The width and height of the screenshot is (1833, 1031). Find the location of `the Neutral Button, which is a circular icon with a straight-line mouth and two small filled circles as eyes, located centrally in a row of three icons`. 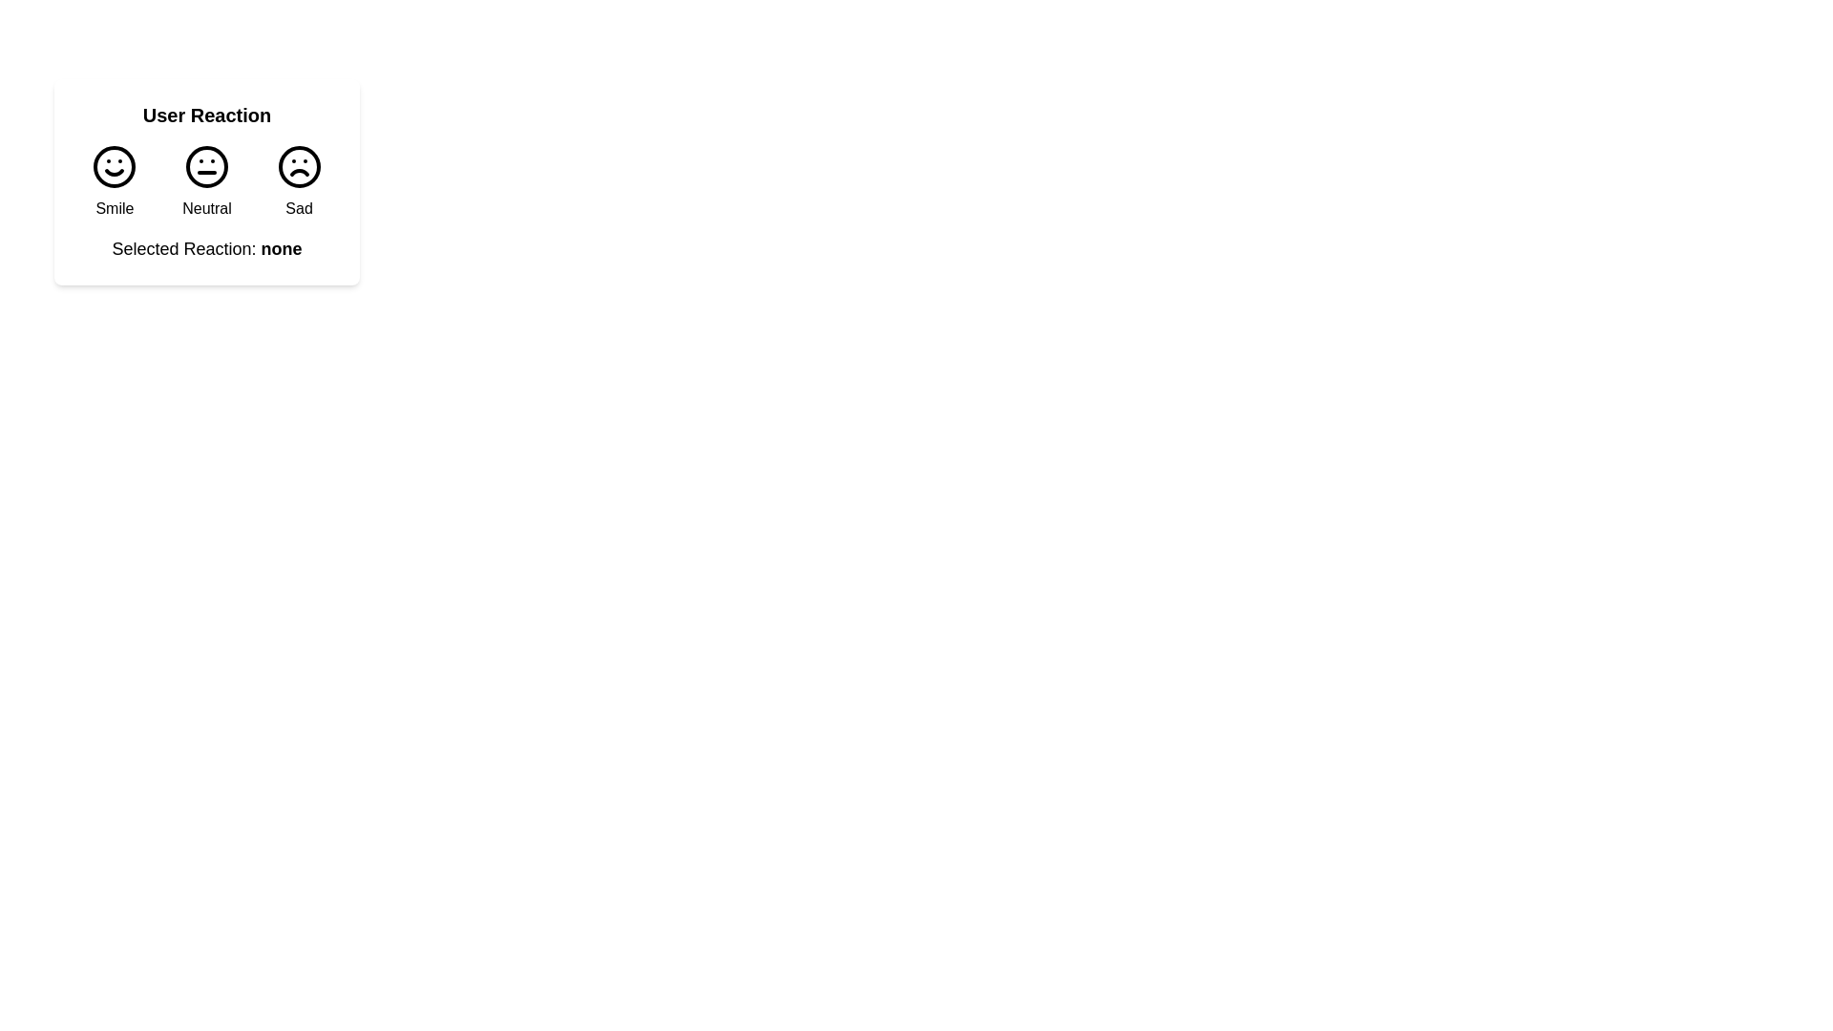

the Neutral Button, which is a circular icon with a straight-line mouth and two small filled circles as eyes, located centrally in a row of three icons is located at coordinates (206, 182).